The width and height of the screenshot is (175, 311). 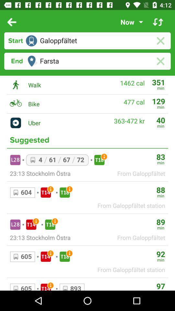 What do you see at coordinates (160, 40) in the screenshot?
I see `erase location` at bounding box center [160, 40].